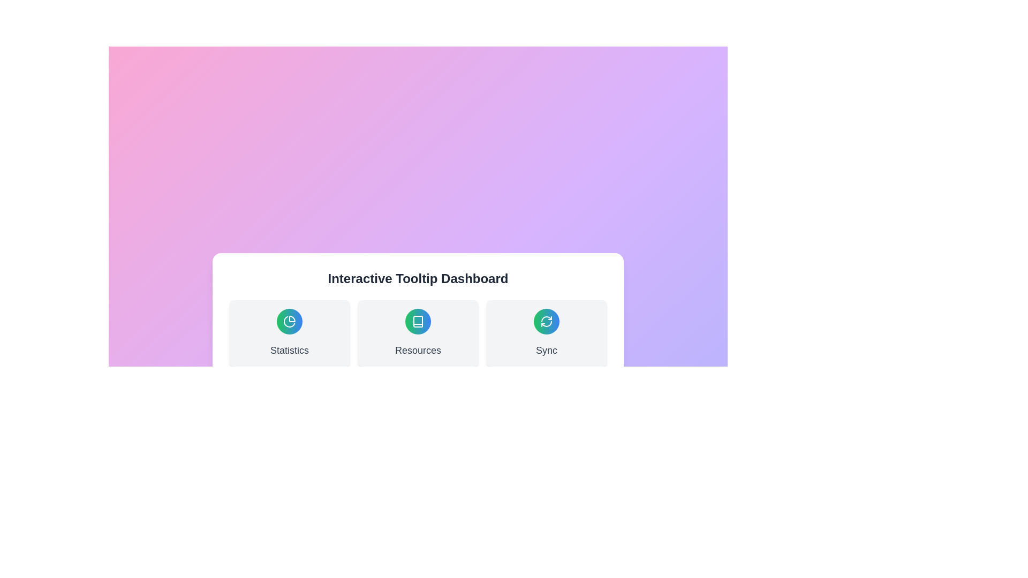 The image size is (1028, 578). Describe the element at coordinates (290, 321) in the screenshot. I see `the icon button located in the leftmost position of the row of three icons within the 'Statistics' section` at that location.